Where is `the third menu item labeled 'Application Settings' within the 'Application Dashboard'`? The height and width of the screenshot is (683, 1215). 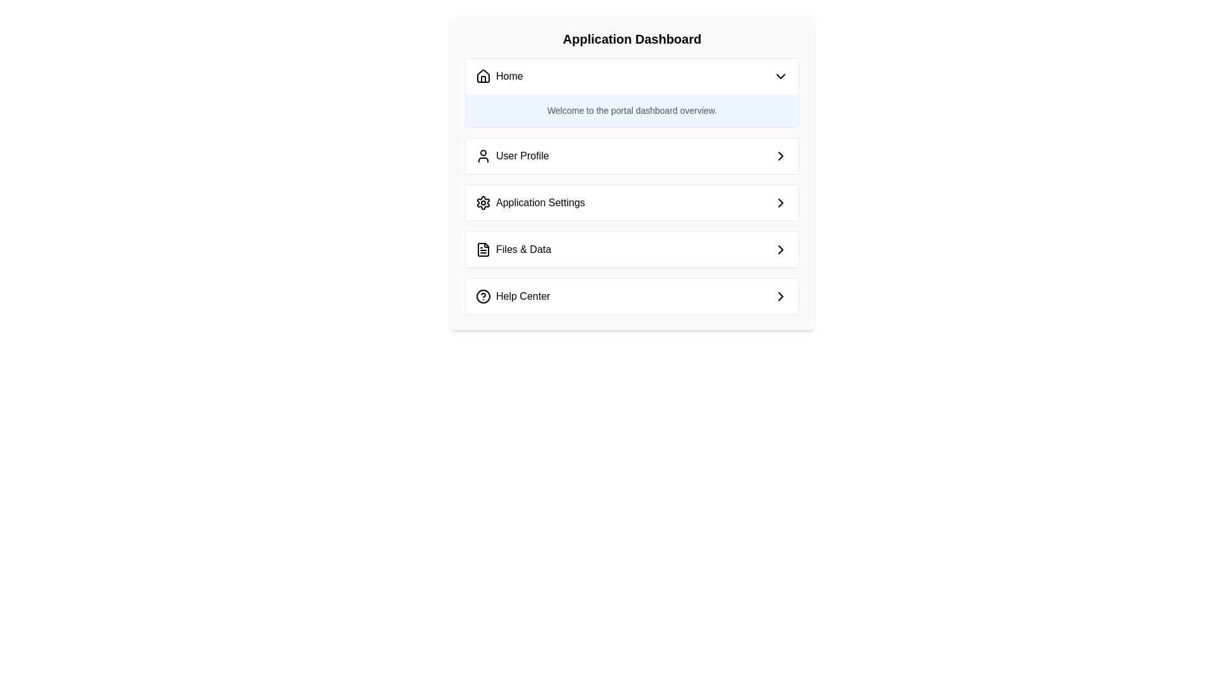 the third menu item labeled 'Application Settings' within the 'Application Dashboard' is located at coordinates (632, 186).